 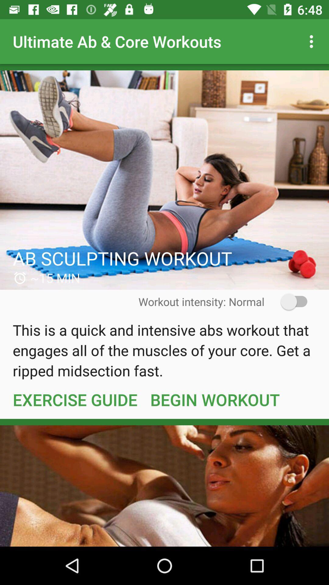 I want to click on icon next to the begin workout icon, so click(x=75, y=399).